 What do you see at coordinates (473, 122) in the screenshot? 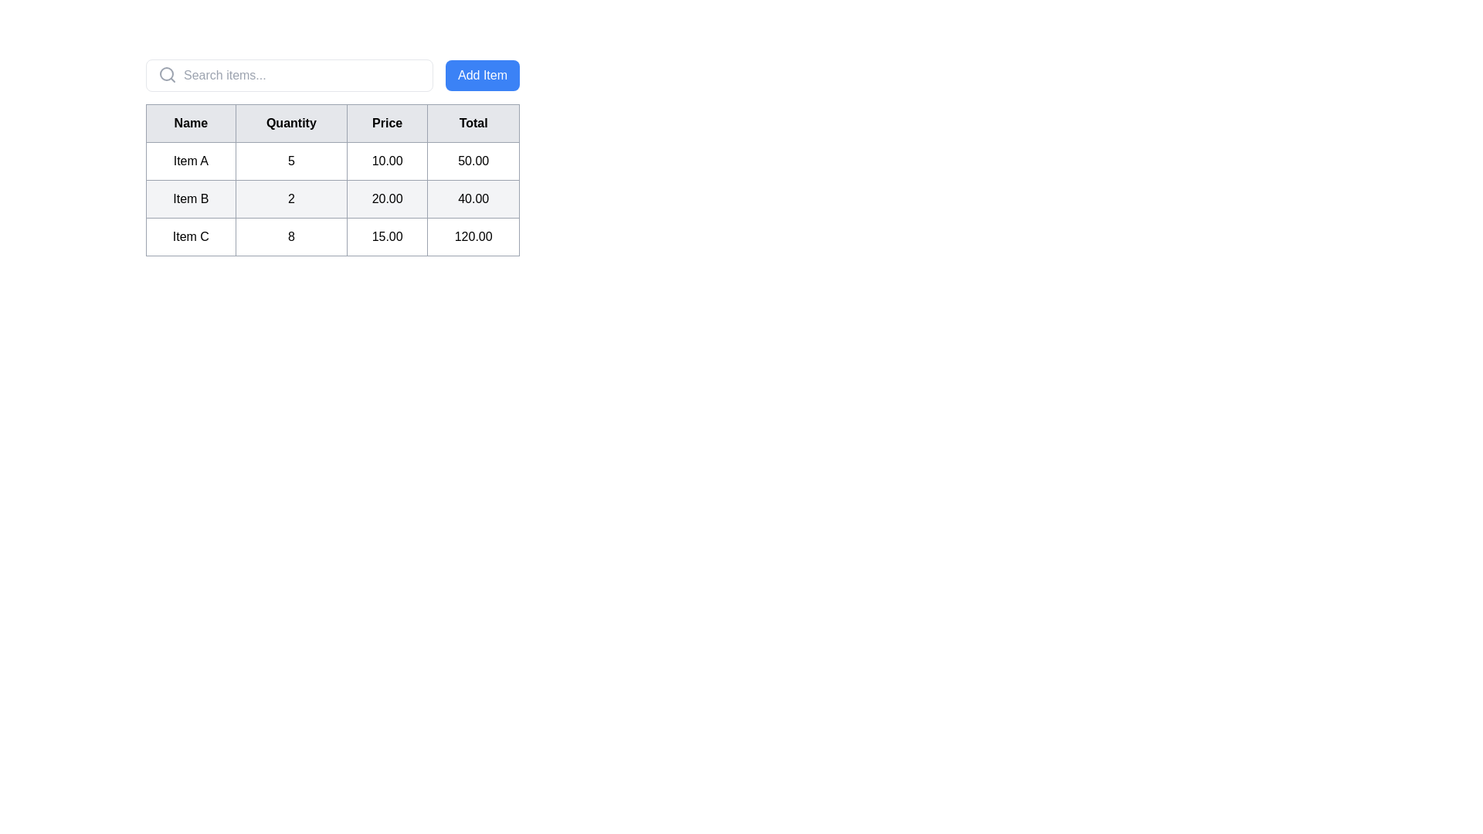
I see `the table header cell labeled 'Total', which is the fourth column header, positioned to the right of the 'Price' header cell` at bounding box center [473, 122].